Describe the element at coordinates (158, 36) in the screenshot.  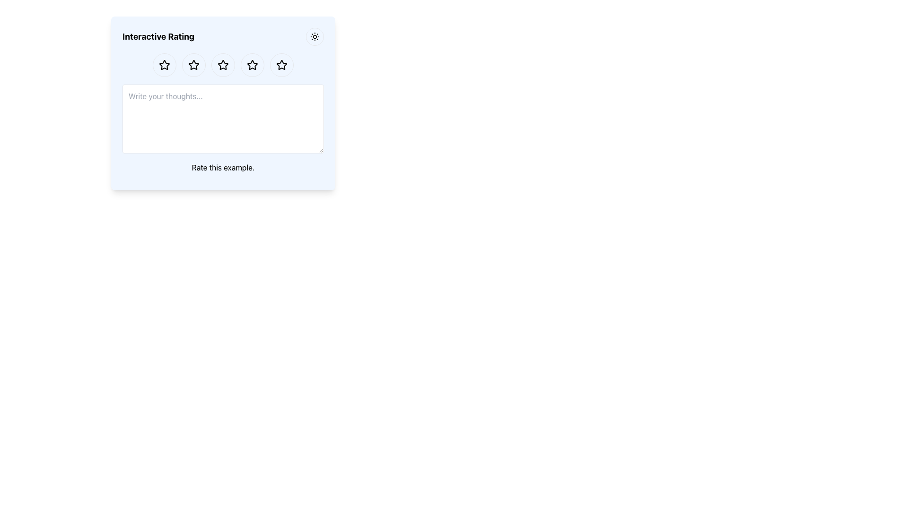
I see `the text label that serves as a title or header for the interactive rating interface, located at the top-left corner of its section` at that location.